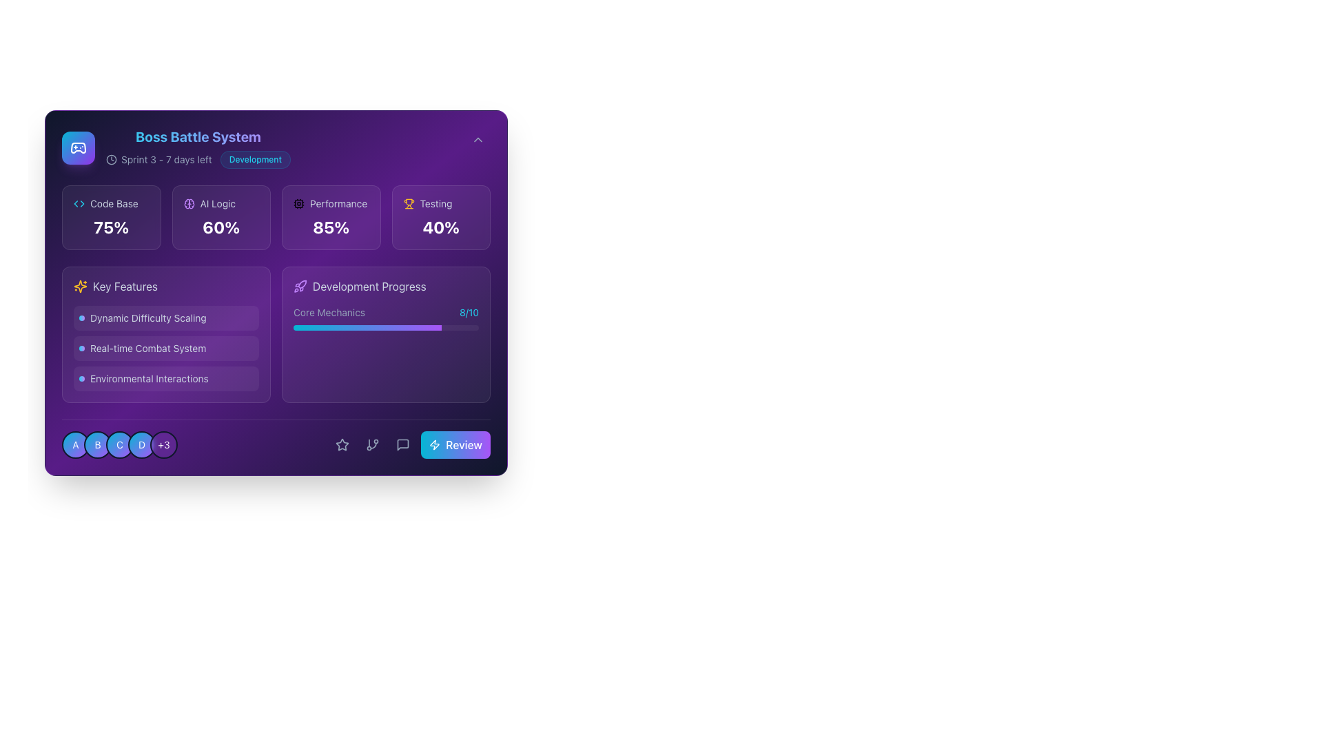 This screenshot has width=1323, height=744. I want to click on the details of the CPU icon, which has a greenish hue and is positioned to the left of the text 'Performance', so click(298, 204).